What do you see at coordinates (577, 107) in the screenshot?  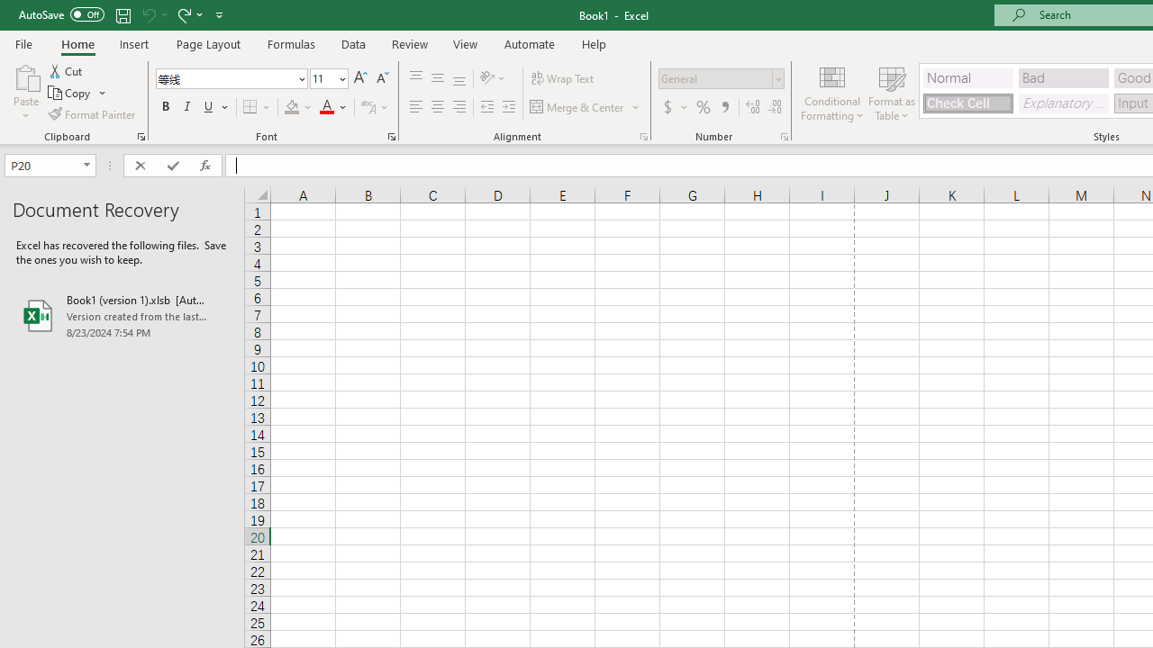 I see `'Merge & Center'` at bounding box center [577, 107].